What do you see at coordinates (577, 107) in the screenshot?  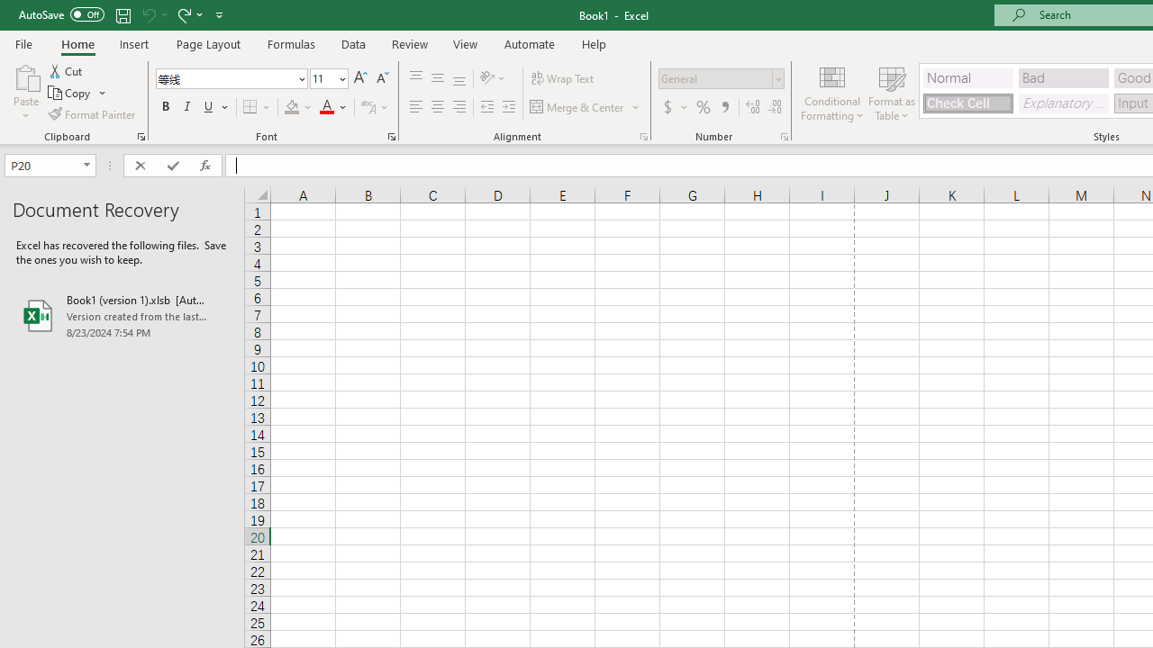 I see `'Merge & Center'` at bounding box center [577, 107].